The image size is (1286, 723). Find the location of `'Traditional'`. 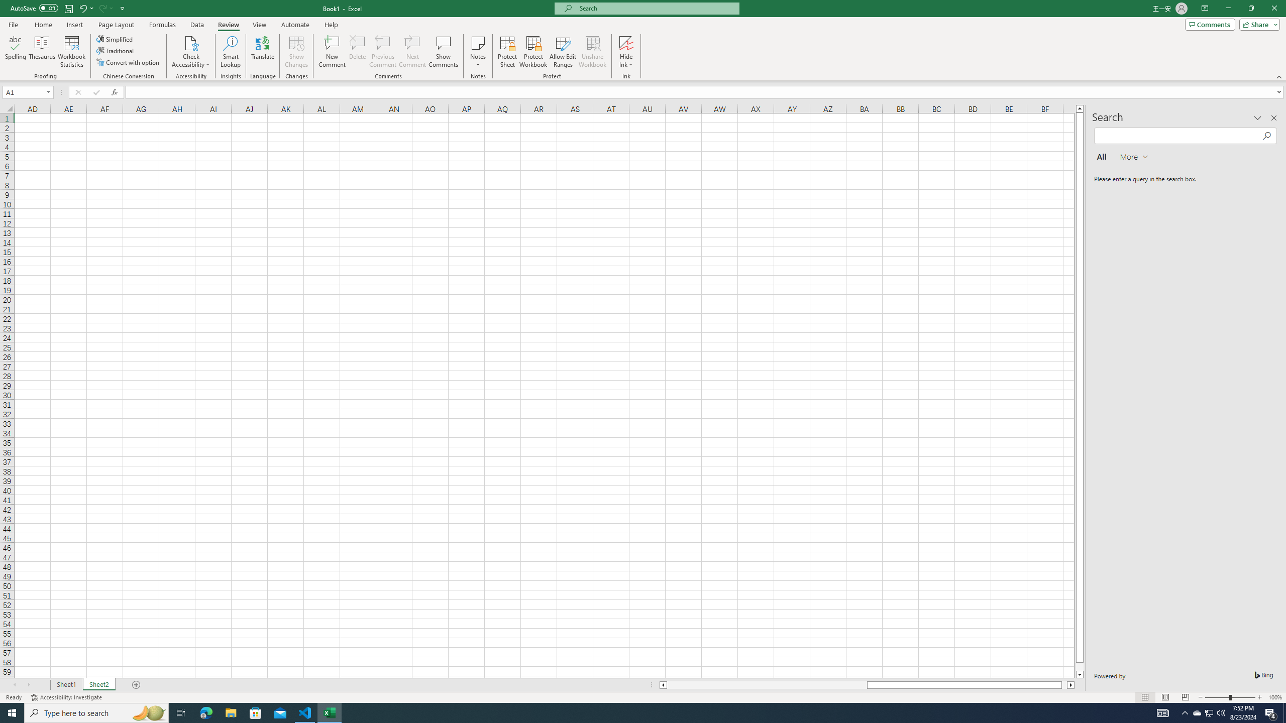

'Traditional' is located at coordinates (116, 50).